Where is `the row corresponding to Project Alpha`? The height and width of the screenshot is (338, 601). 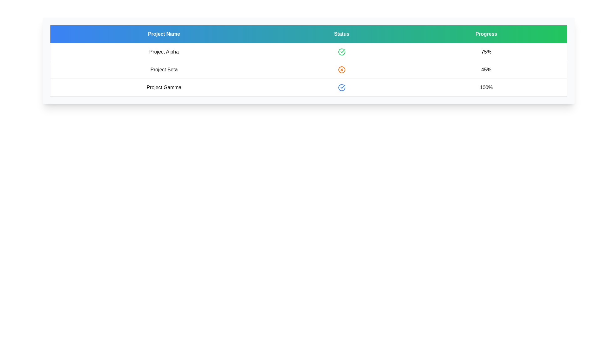 the row corresponding to Project Alpha is located at coordinates (308, 51).